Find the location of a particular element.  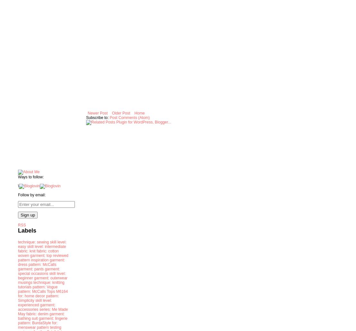

'Labels' is located at coordinates (27, 230).